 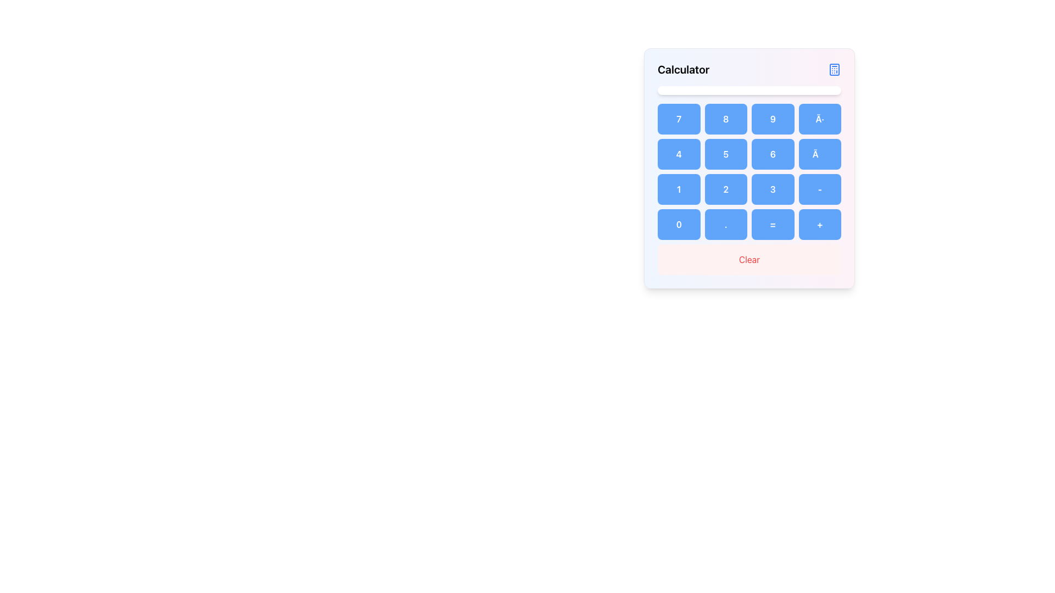 I want to click on the button displaying the number '7', which is styled with rounded corners and a light blue background, located at the top-left corner of a 4x5 grid layout, so click(x=678, y=119).